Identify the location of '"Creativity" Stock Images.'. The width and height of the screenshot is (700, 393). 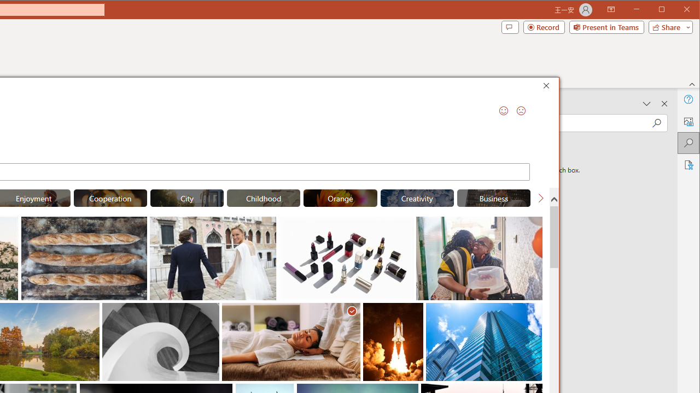
(416, 198).